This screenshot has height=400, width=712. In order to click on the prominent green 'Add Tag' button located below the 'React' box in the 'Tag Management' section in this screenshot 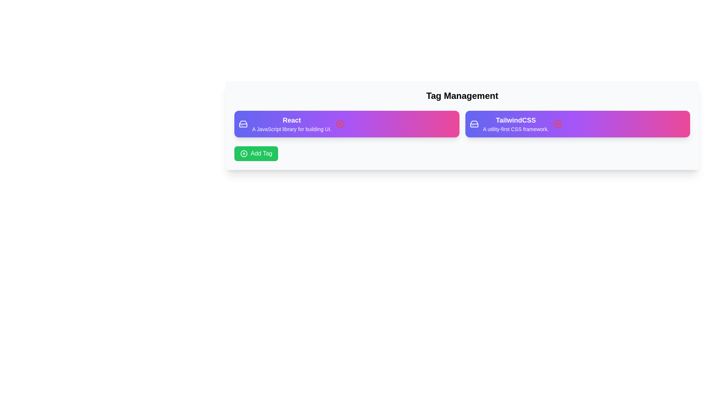, I will do `click(256, 153)`.